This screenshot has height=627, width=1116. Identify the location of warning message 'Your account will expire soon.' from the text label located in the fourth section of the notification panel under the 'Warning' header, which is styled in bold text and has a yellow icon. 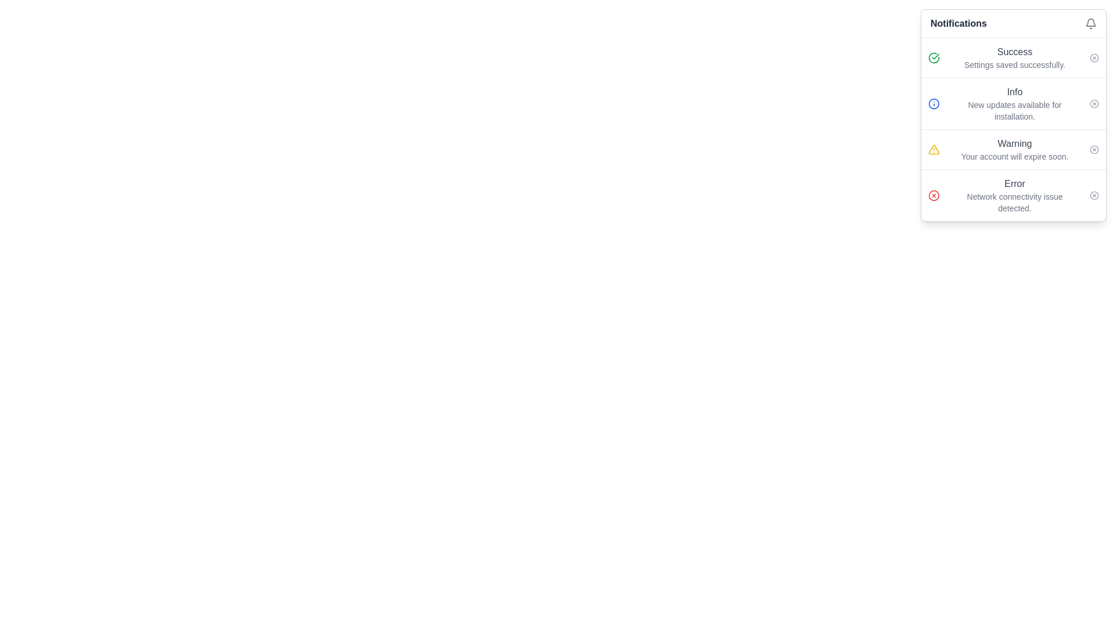
(1014, 157).